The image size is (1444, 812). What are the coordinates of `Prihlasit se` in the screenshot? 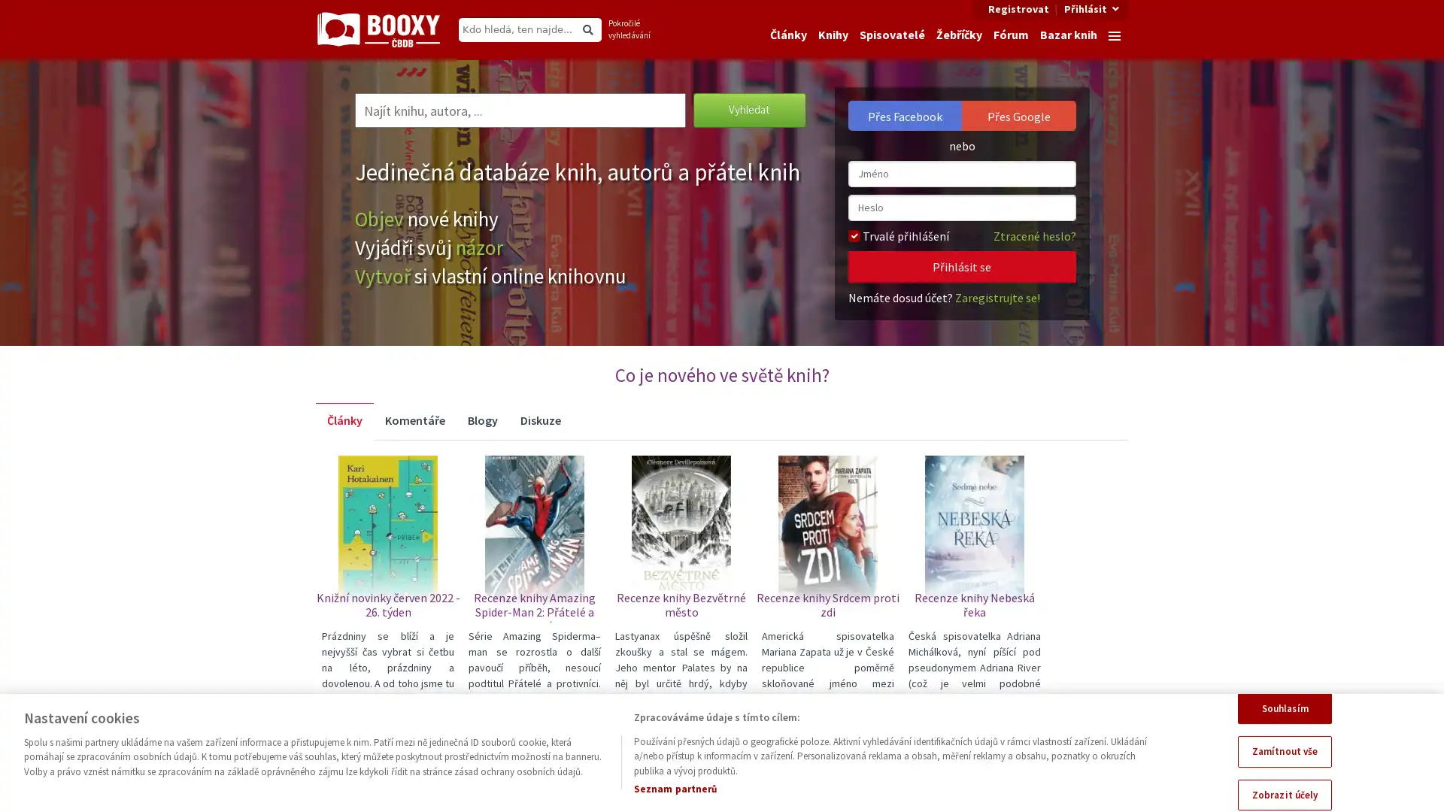 It's located at (960, 265).